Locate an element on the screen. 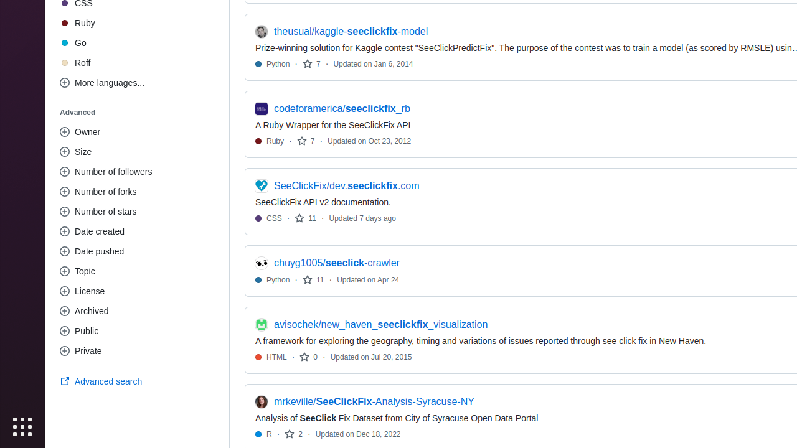 Image resolution: width=797 pixels, height=448 pixels. 'More languages...' is located at coordinates (137, 82).